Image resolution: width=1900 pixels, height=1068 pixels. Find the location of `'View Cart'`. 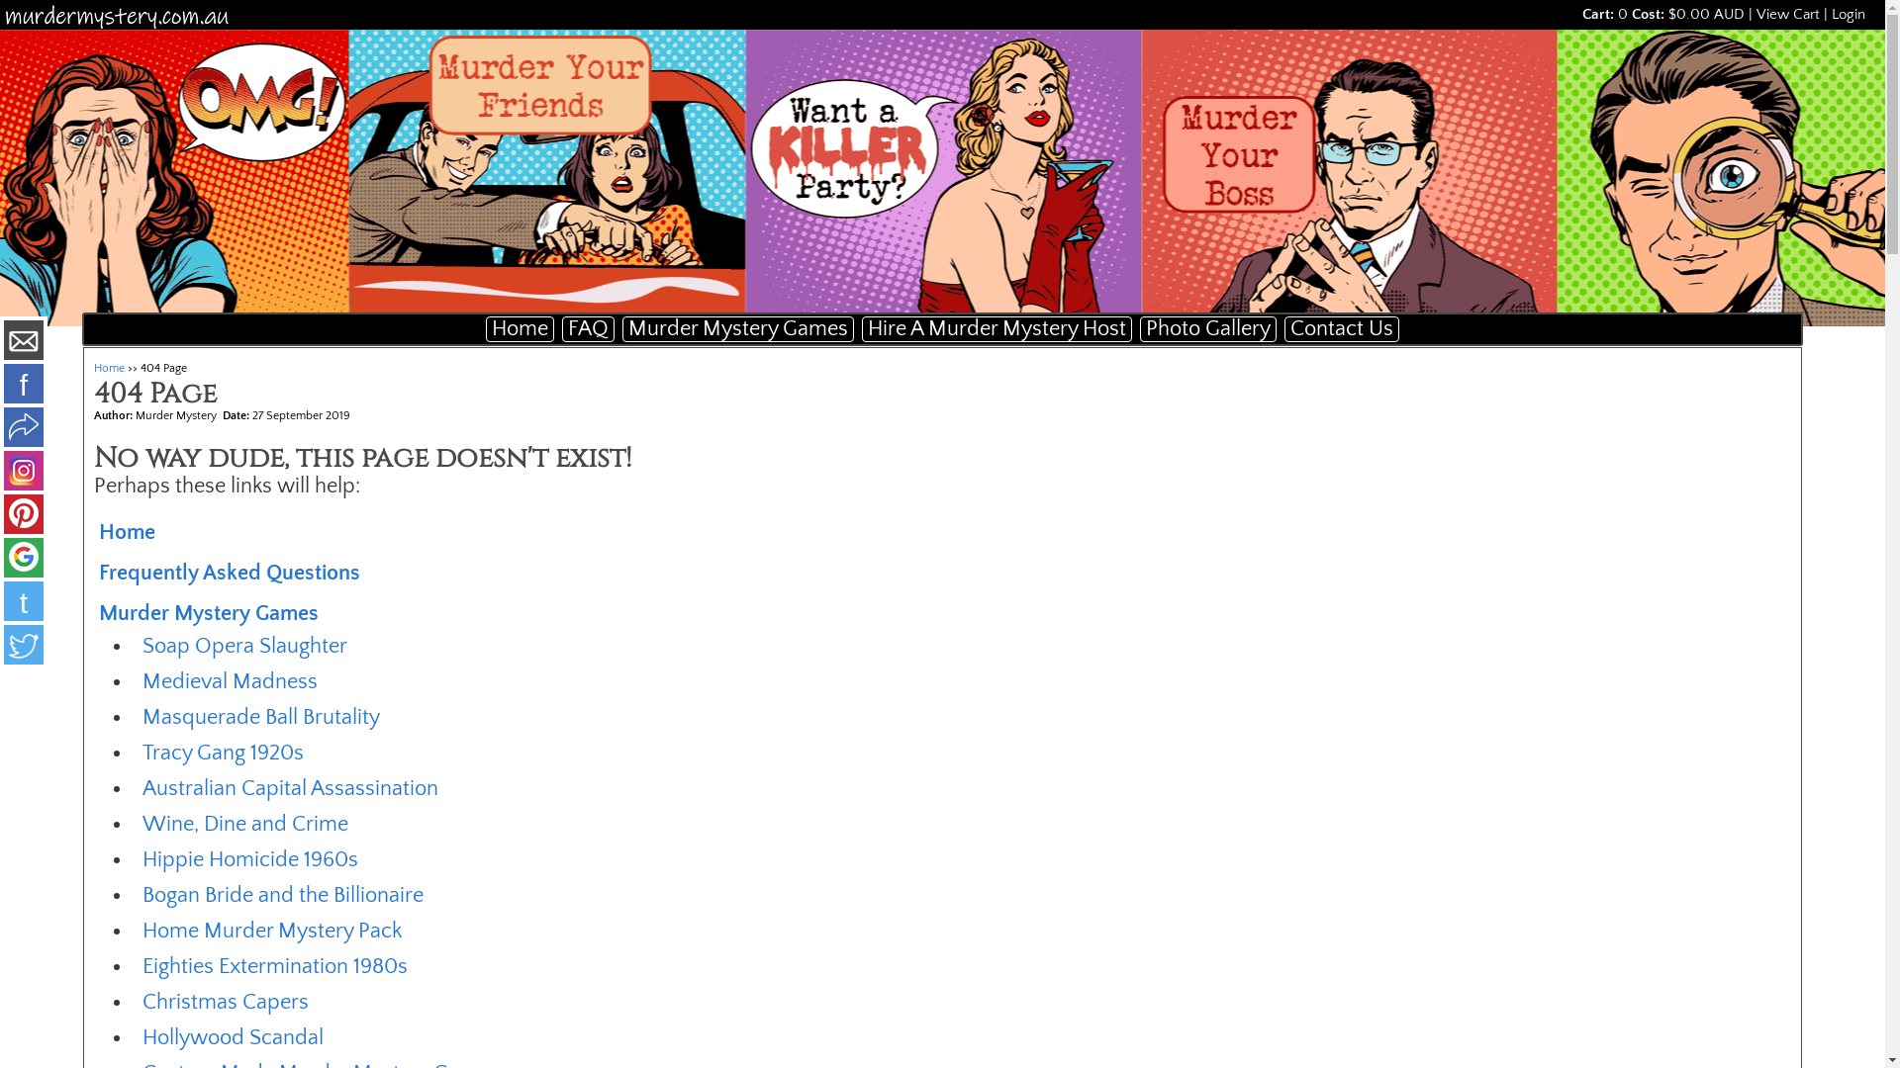

'View Cart' is located at coordinates (1787, 14).